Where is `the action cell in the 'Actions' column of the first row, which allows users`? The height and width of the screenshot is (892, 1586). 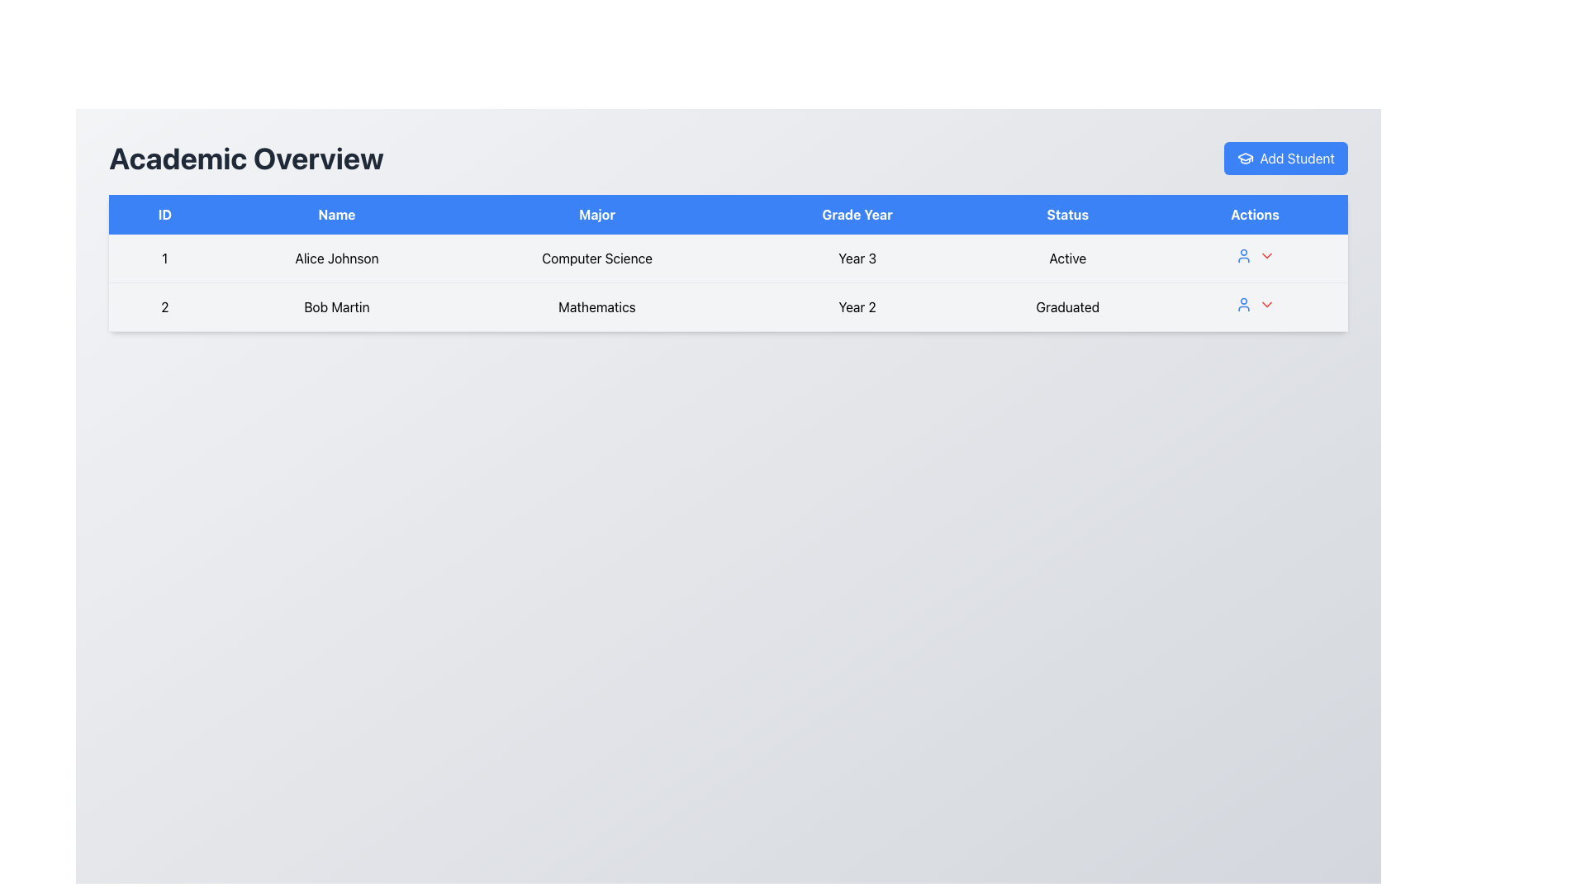 the action cell in the 'Actions' column of the first row, which allows users is located at coordinates (1255, 259).